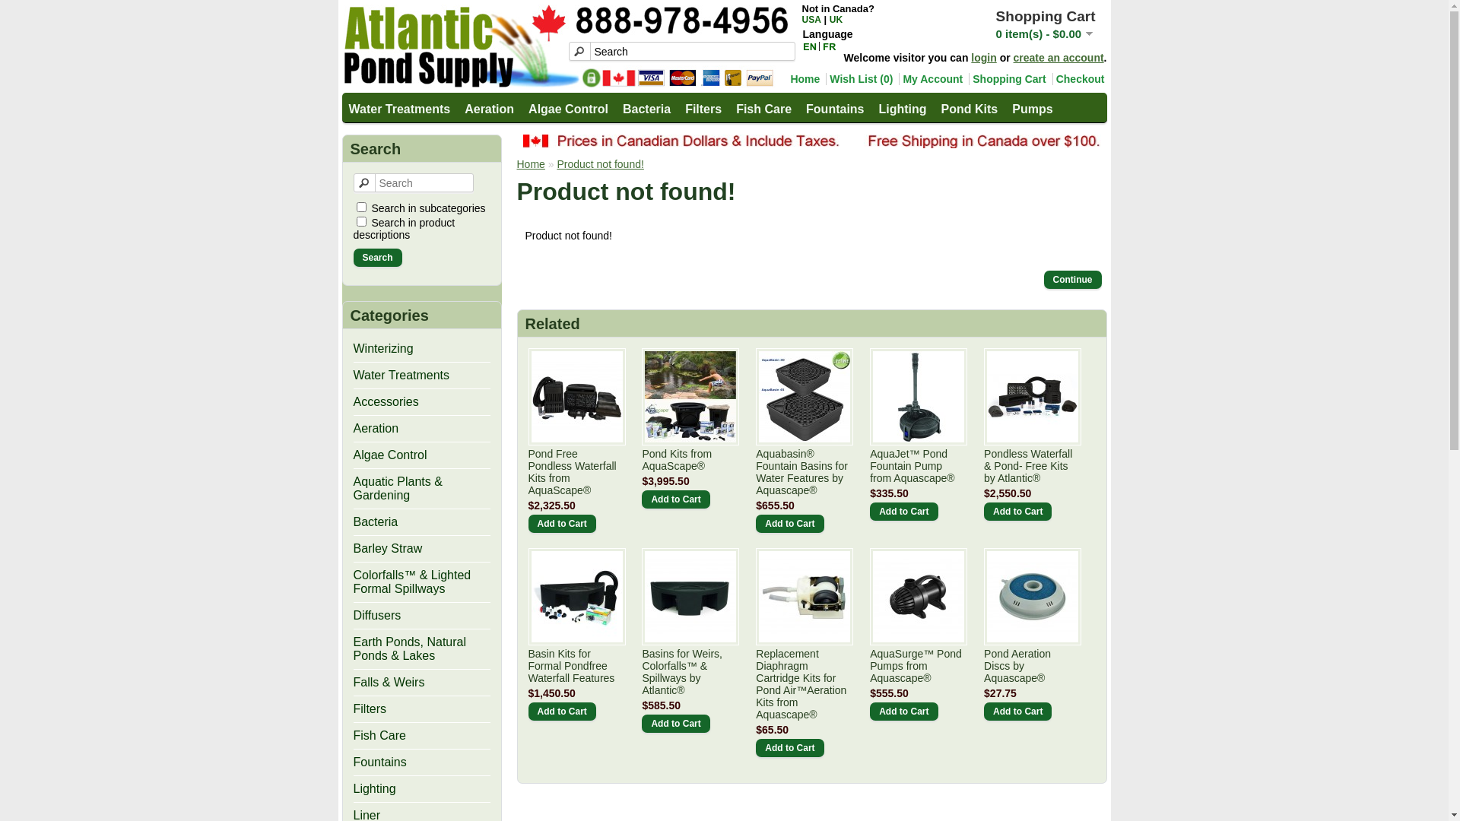 This screenshot has height=821, width=1460. I want to click on 'English', so click(809, 46).